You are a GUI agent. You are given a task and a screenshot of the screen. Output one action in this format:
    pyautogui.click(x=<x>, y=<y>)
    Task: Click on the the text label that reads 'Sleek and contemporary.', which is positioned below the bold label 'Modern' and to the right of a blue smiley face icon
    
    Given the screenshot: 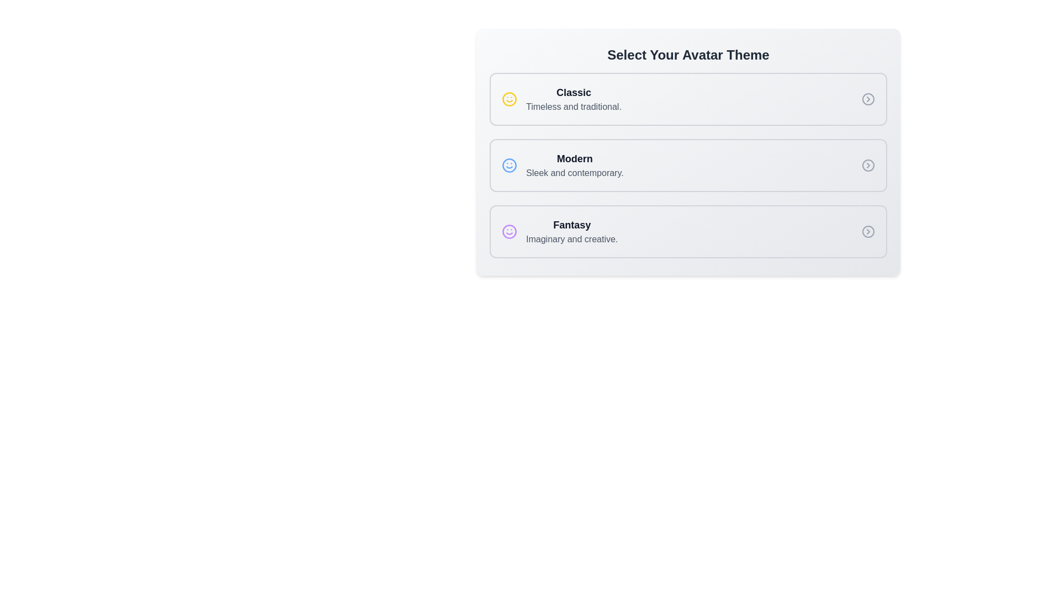 What is the action you would take?
    pyautogui.click(x=574, y=173)
    